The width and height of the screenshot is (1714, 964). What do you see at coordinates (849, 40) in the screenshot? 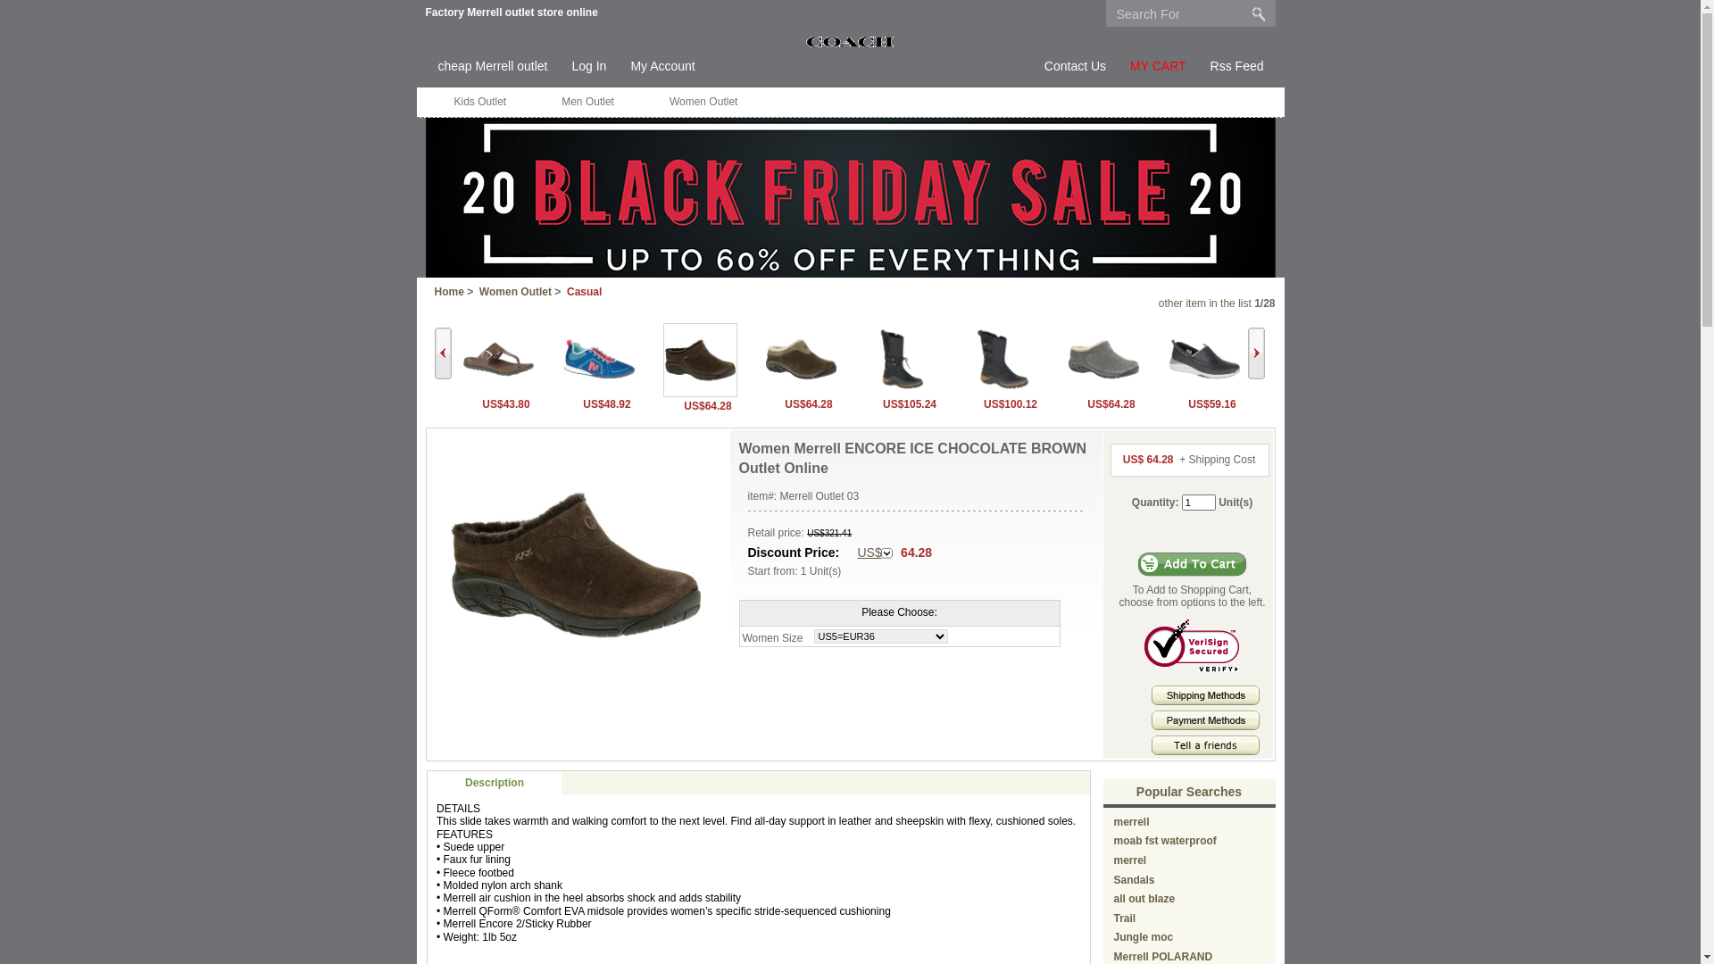
I see `' Merrell outlet '` at bounding box center [849, 40].